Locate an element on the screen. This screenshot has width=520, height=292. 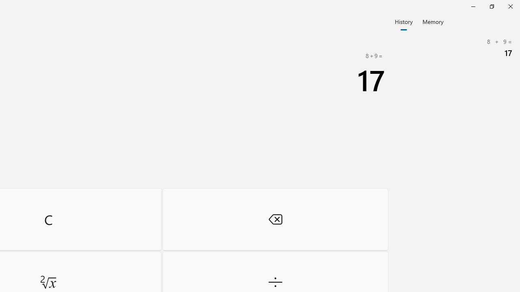
'History' is located at coordinates (403, 21).